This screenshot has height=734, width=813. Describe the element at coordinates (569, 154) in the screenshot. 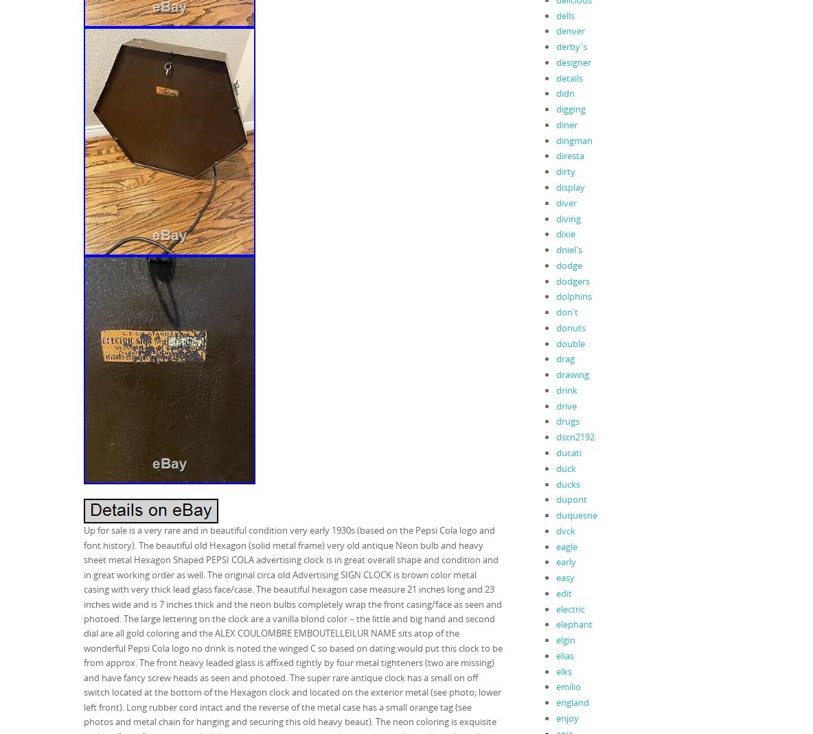

I see `'diresta'` at that location.